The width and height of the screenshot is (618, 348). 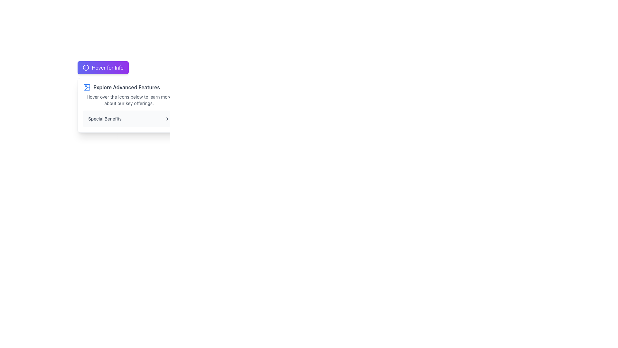 I want to click on information from the tooltip that appears when hovering over the 'Hover for Info' button, so click(x=129, y=105).